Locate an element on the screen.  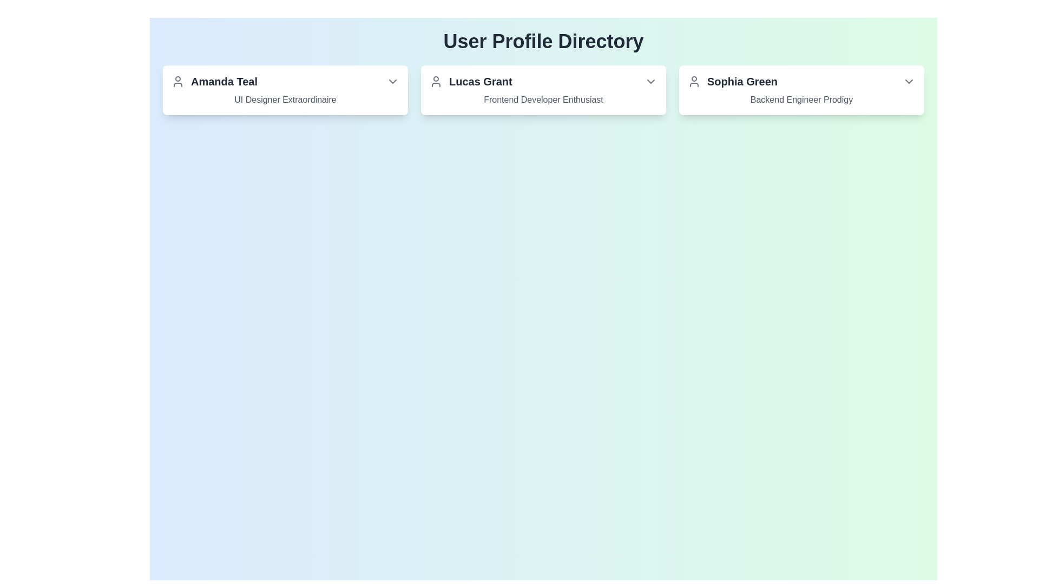
the dropdown arrow of the first informational card displaying user profile information located at the top-left position of the grid is located at coordinates (285, 89).